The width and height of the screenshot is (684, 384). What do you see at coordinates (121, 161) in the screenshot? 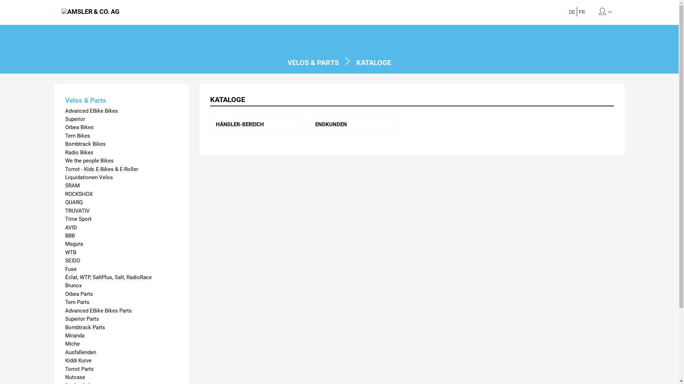
I see `'We the people Bikes'` at bounding box center [121, 161].